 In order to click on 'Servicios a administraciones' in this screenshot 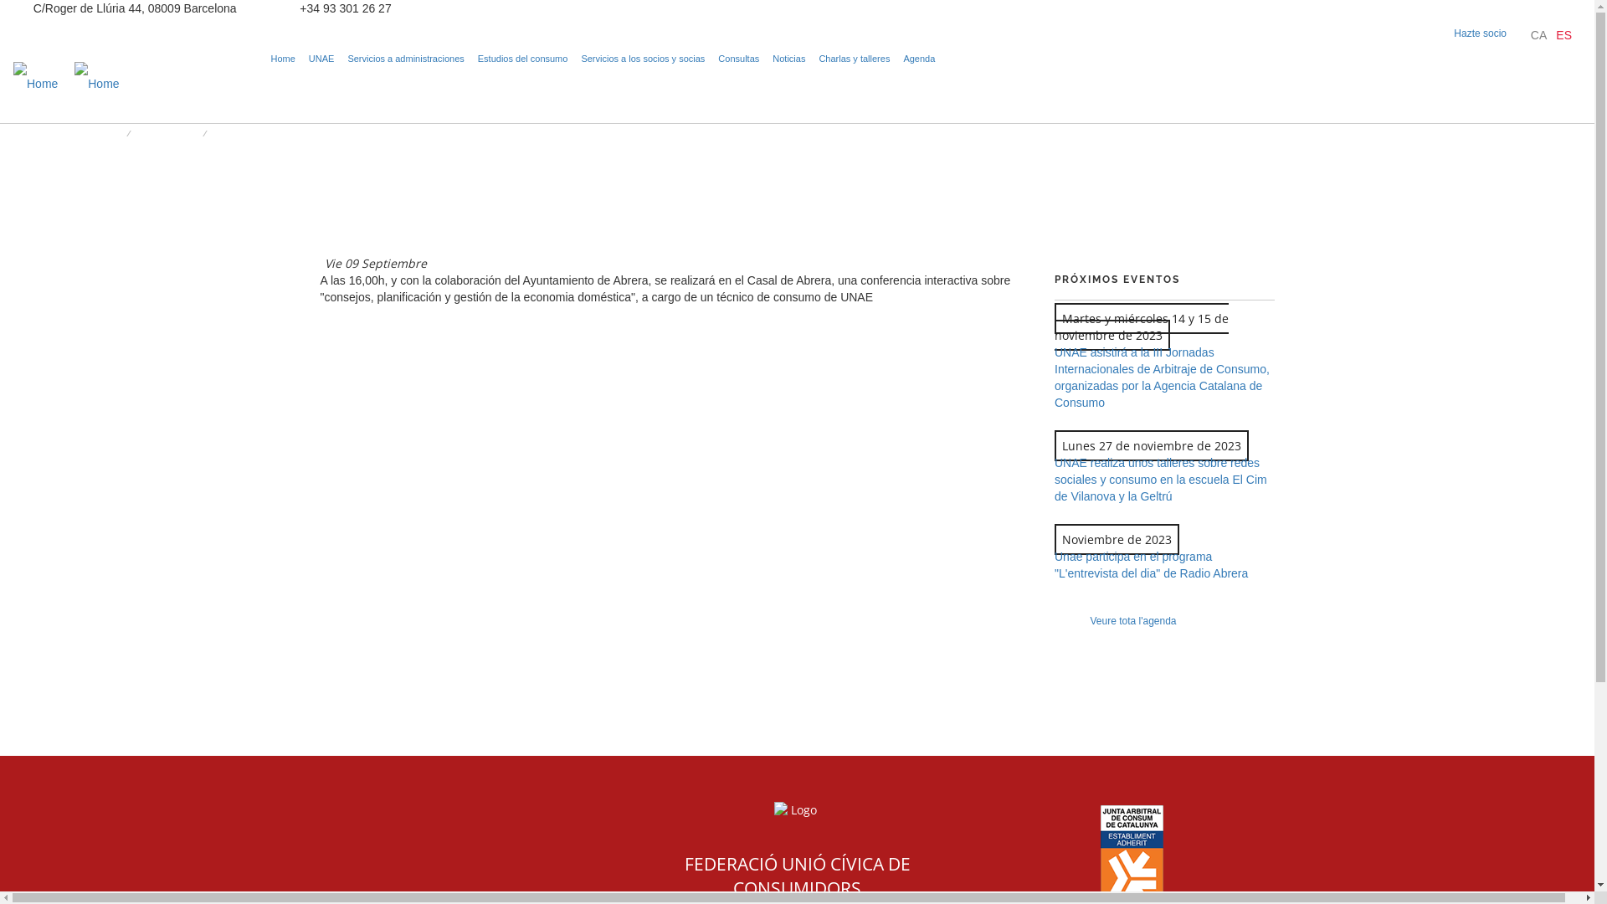, I will do `click(405, 57)`.